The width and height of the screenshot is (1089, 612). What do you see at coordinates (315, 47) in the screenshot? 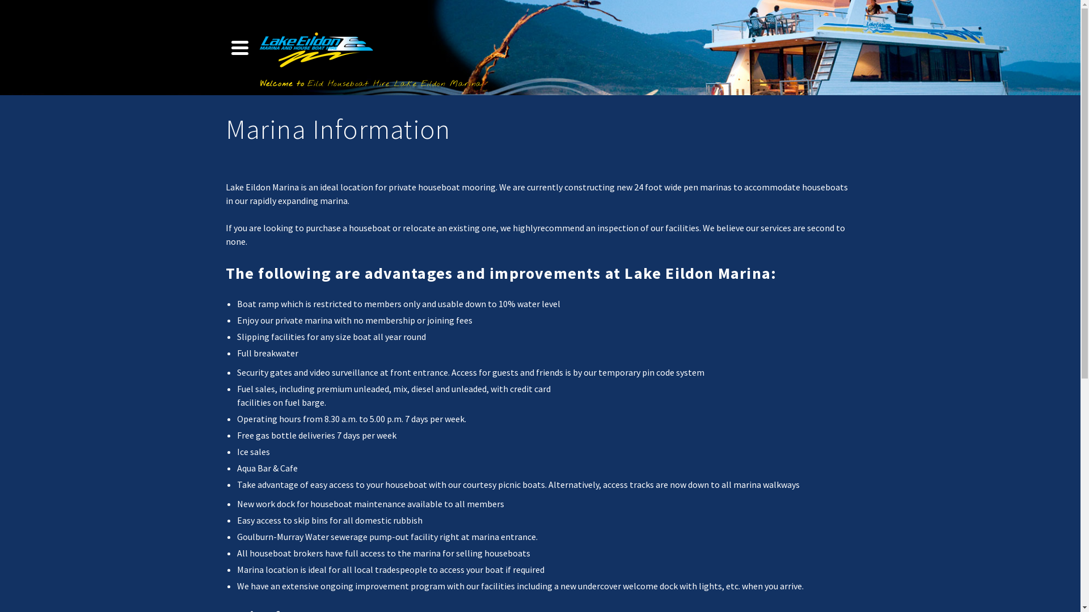
I see `'Eild Houseboat Hire Lake Eildon Marina'` at bounding box center [315, 47].